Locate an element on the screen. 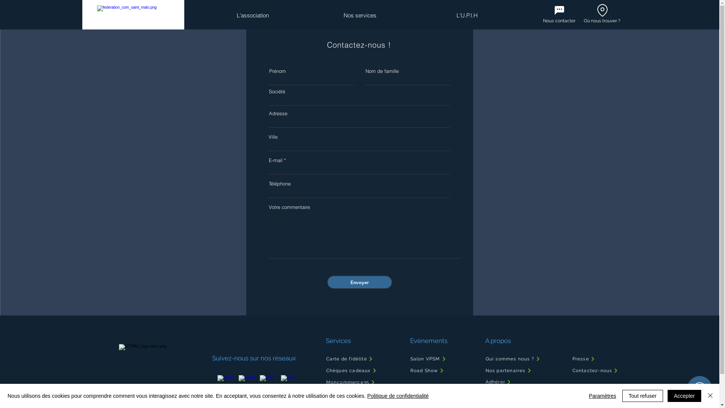 The width and height of the screenshot is (725, 408). 'Salon VPSM' is located at coordinates (433, 358).